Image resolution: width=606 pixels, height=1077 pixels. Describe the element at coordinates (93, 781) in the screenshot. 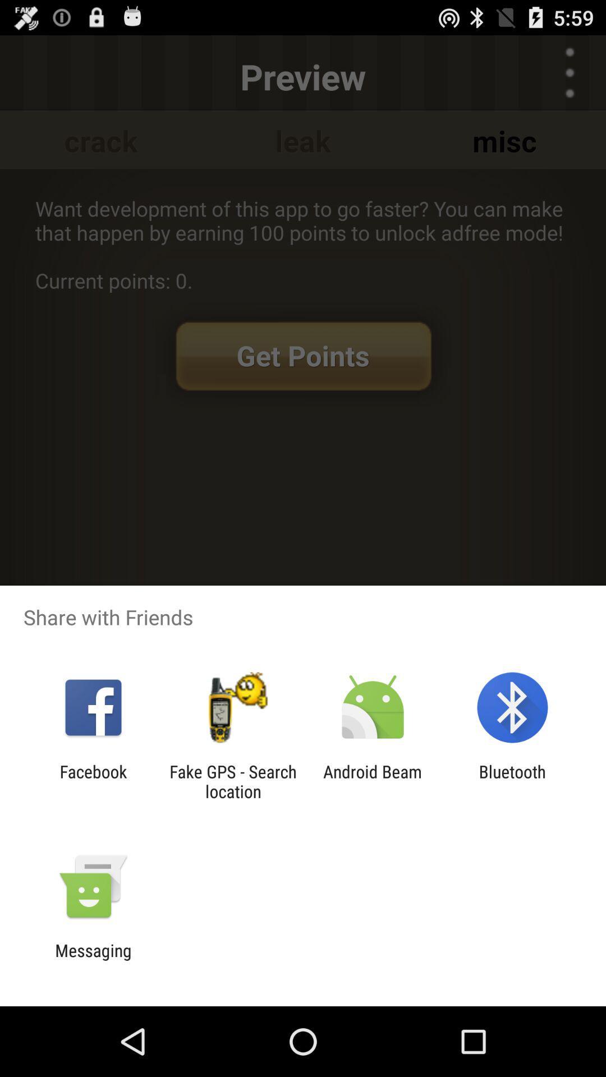

I see `the icon next to fake gps search app` at that location.